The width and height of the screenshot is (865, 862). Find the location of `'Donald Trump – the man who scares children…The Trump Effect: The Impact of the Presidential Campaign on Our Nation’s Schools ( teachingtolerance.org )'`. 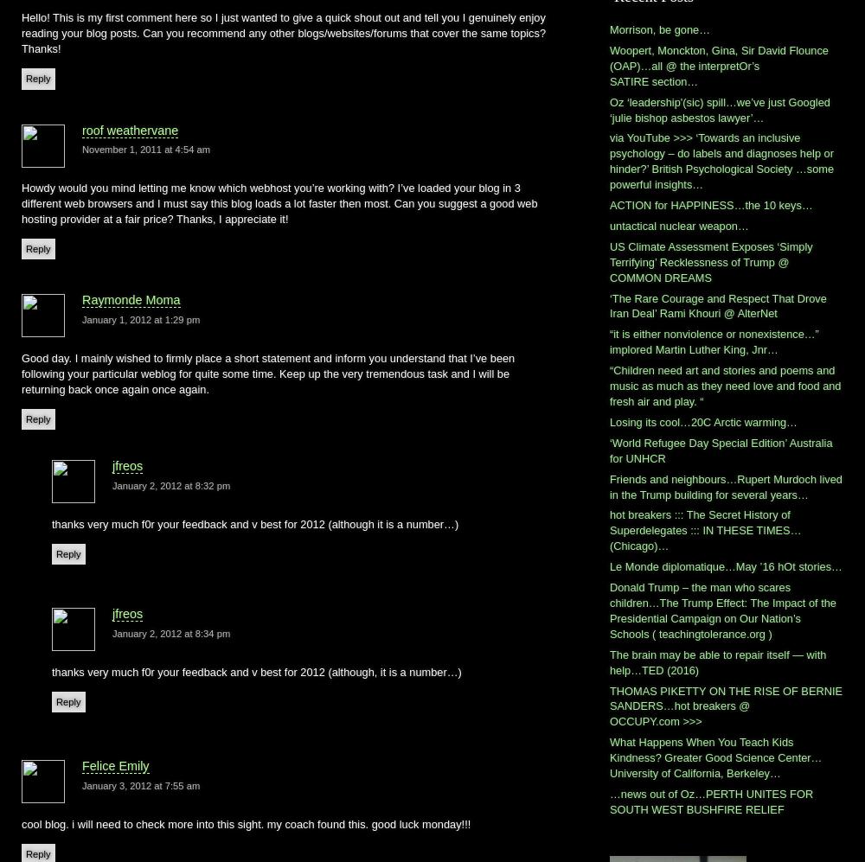

'Donald Trump – the man who scares children…The Trump Effect: The Impact of the Presidential Campaign on Our Nation’s Schools ( teachingtolerance.org )' is located at coordinates (722, 609).